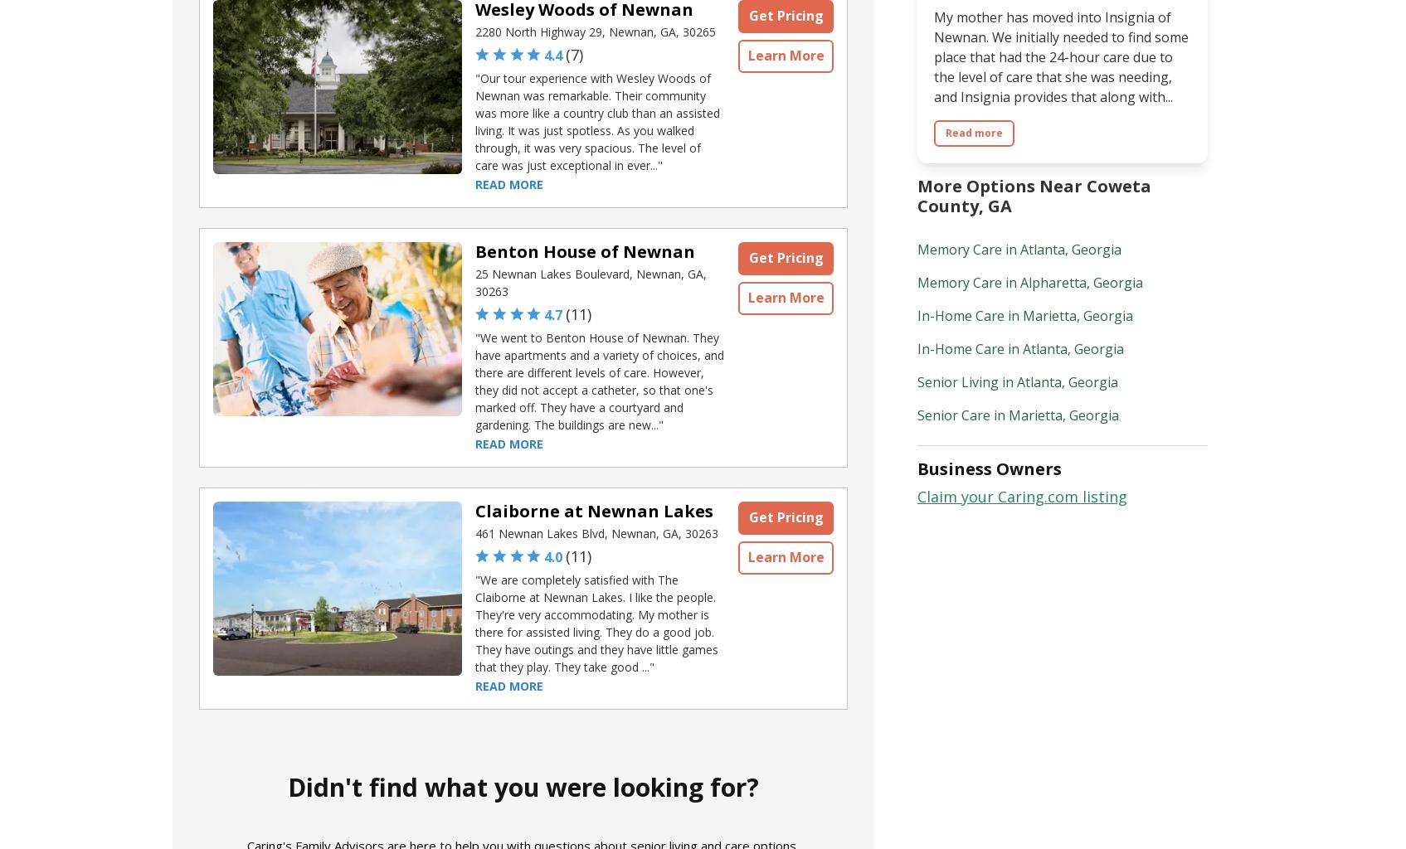  What do you see at coordinates (1034, 194) in the screenshot?
I see `'More Options Near Coweta County, GA'` at bounding box center [1034, 194].